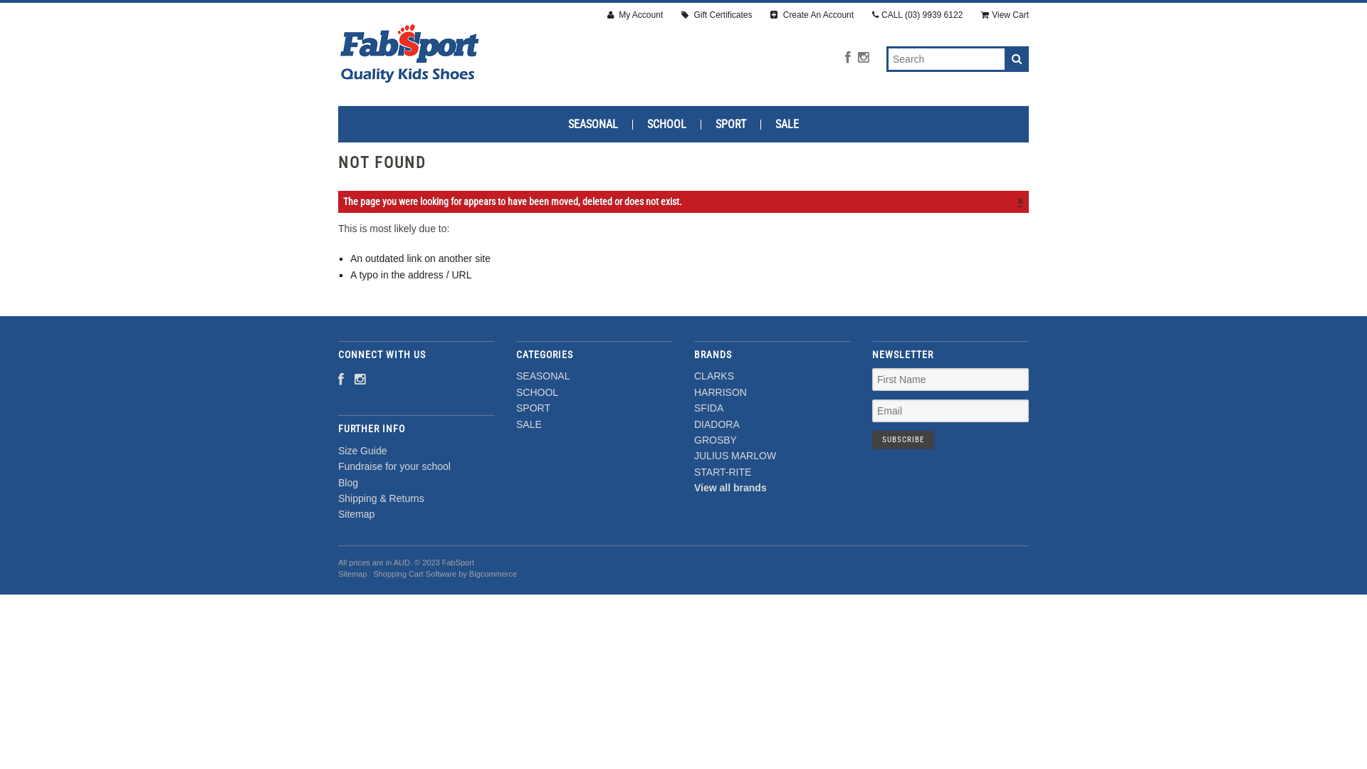 The image size is (1367, 769). What do you see at coordinates (722, 472) in the screenshot?
I see `'START-RITE'` at bounding box center [722, 472].